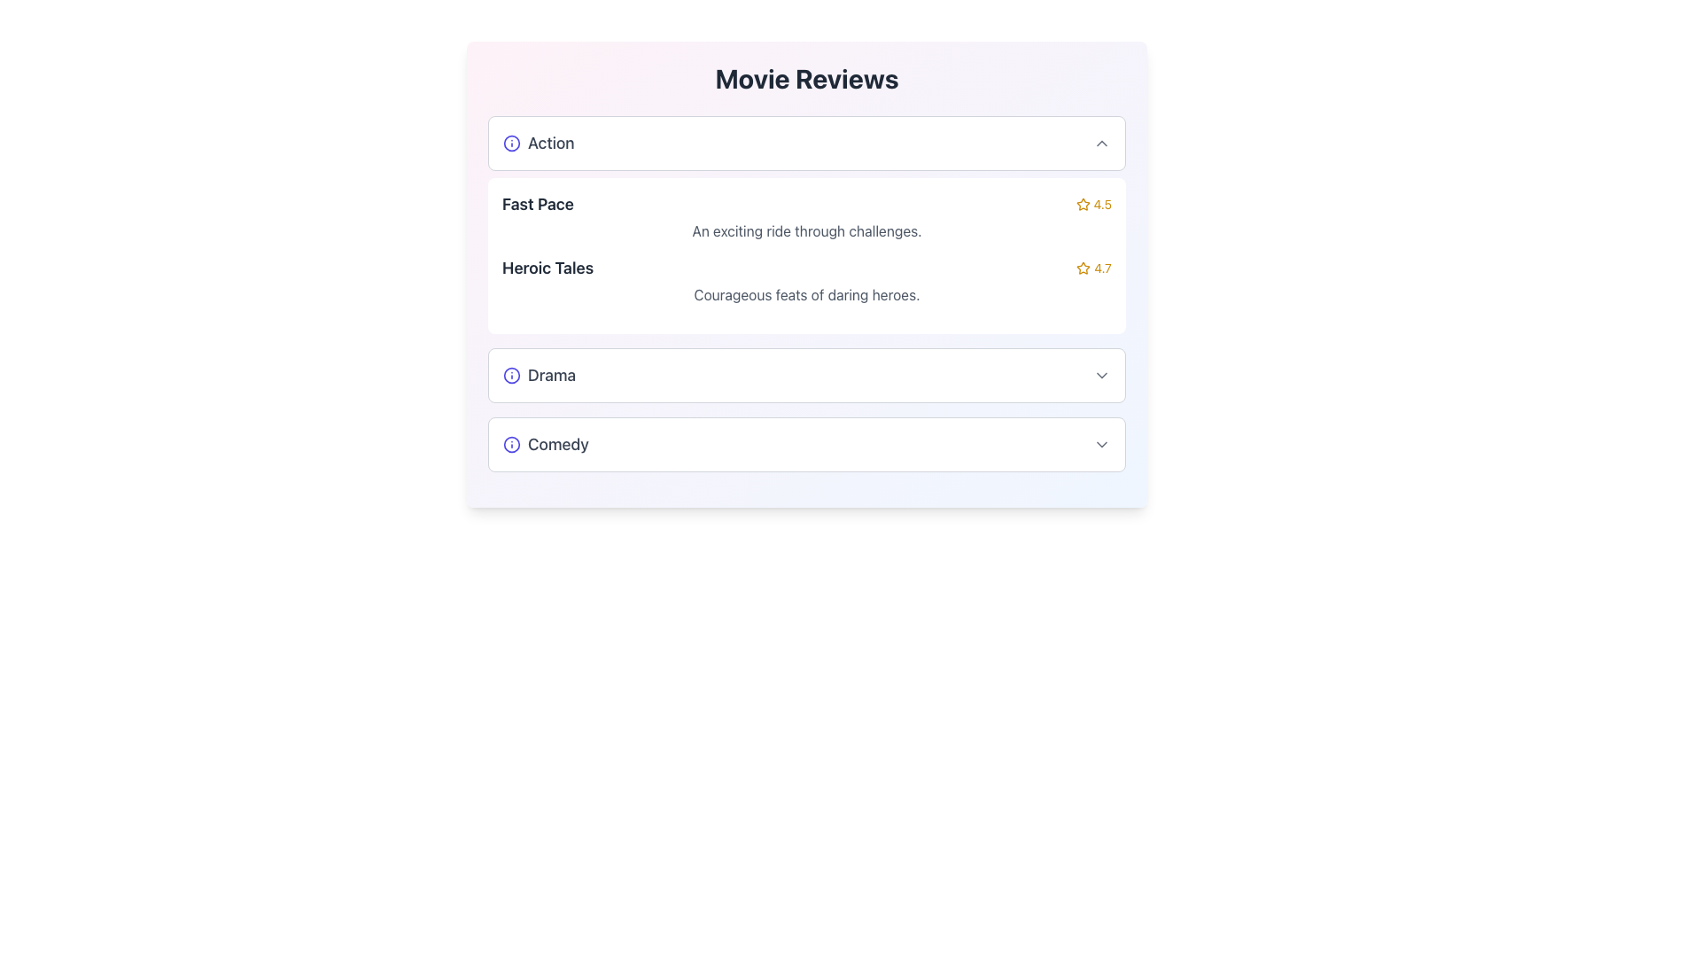 The width and height of the screenshot is (1701, 957). What do you see at coordinates (510, 143) in the screenshot?
I see `the central SVG Circle that represents the 'Action' category icon located at the top of the list of categories` at bounding box center [510, 143].